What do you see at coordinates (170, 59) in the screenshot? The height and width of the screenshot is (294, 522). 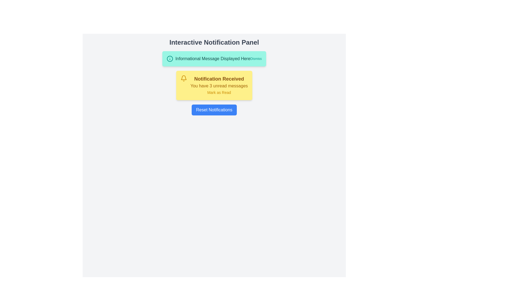 I see `the teal circular icon with a stylized 'i' symbol, located on the far left of the notification banner, preceding the text 'Informational Message Displayed Here'` at bounding box center [170, 59].